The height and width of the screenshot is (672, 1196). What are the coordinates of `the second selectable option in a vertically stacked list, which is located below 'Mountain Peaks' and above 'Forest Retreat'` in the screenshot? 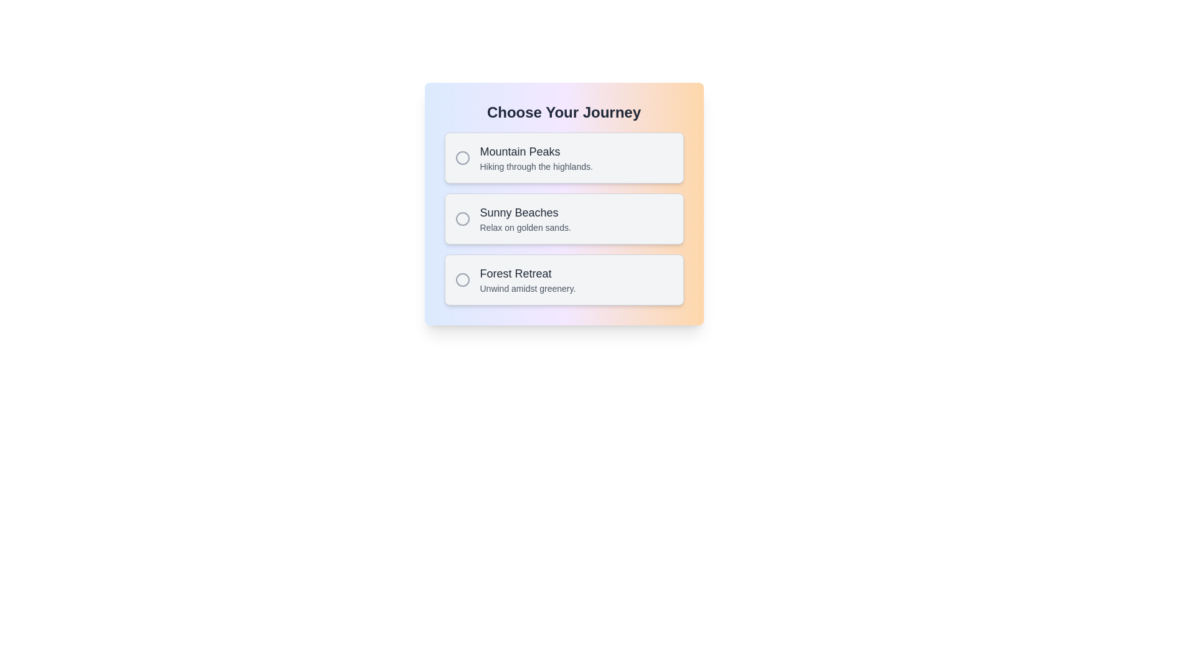 It's located at (563, 218).